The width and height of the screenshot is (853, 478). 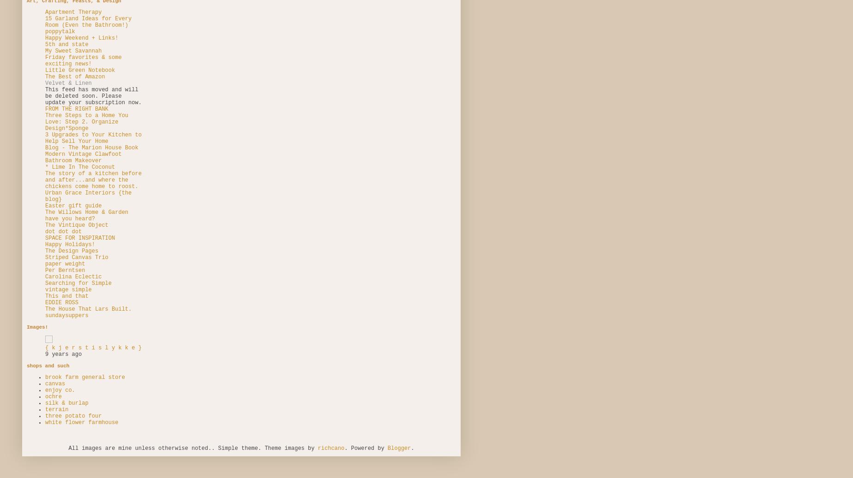 I want to click on 'paper weight', so click(x=65, y=264).